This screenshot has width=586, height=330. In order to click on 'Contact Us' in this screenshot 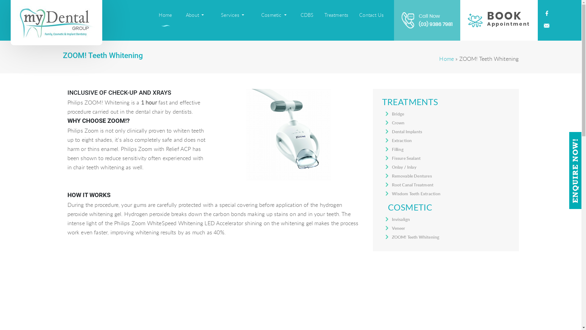, I will do `click(371, 15)`.